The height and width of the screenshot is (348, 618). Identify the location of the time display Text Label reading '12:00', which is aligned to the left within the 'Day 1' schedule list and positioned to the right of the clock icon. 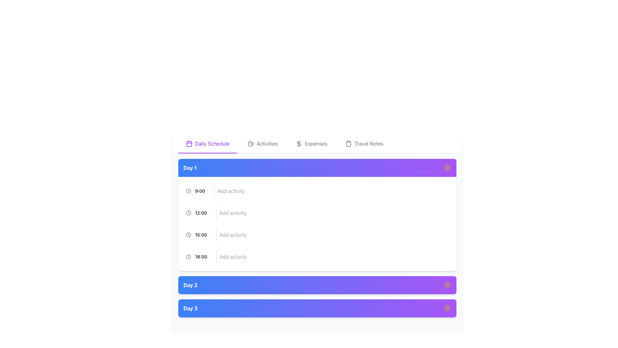
(201, 213).